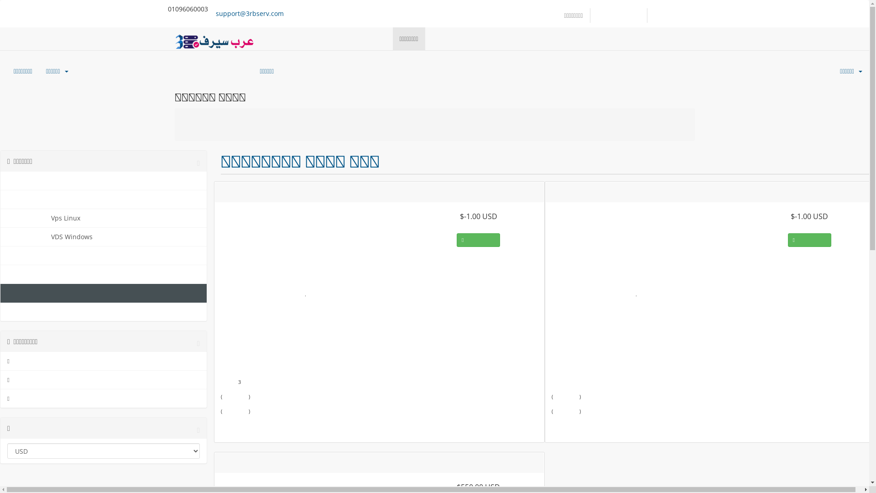 Image resolution: width=876 pixels, height=493 pixels. I want to click on 'support@3rbserv.com', so click(250, 14).